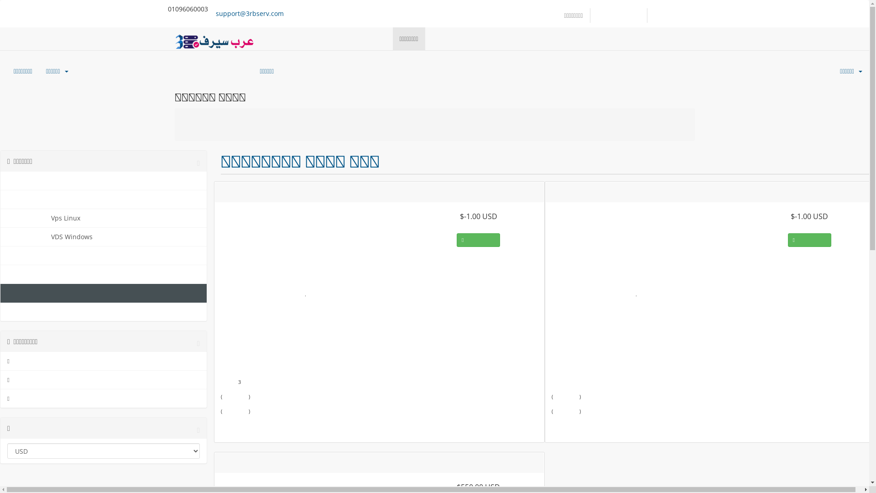 Image resolution: width=876 pixels, height=493 pixels. I want to click on 'support@3rbserv.com', so click(250, 14).